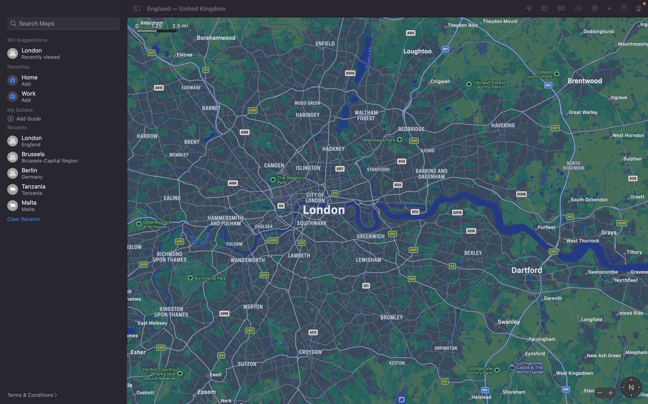 The image size is (648, 404). Describe the element at coordinates (24, 219) in the screenshot. I see `Erase all recent activities and search for "tour London"` at that location.